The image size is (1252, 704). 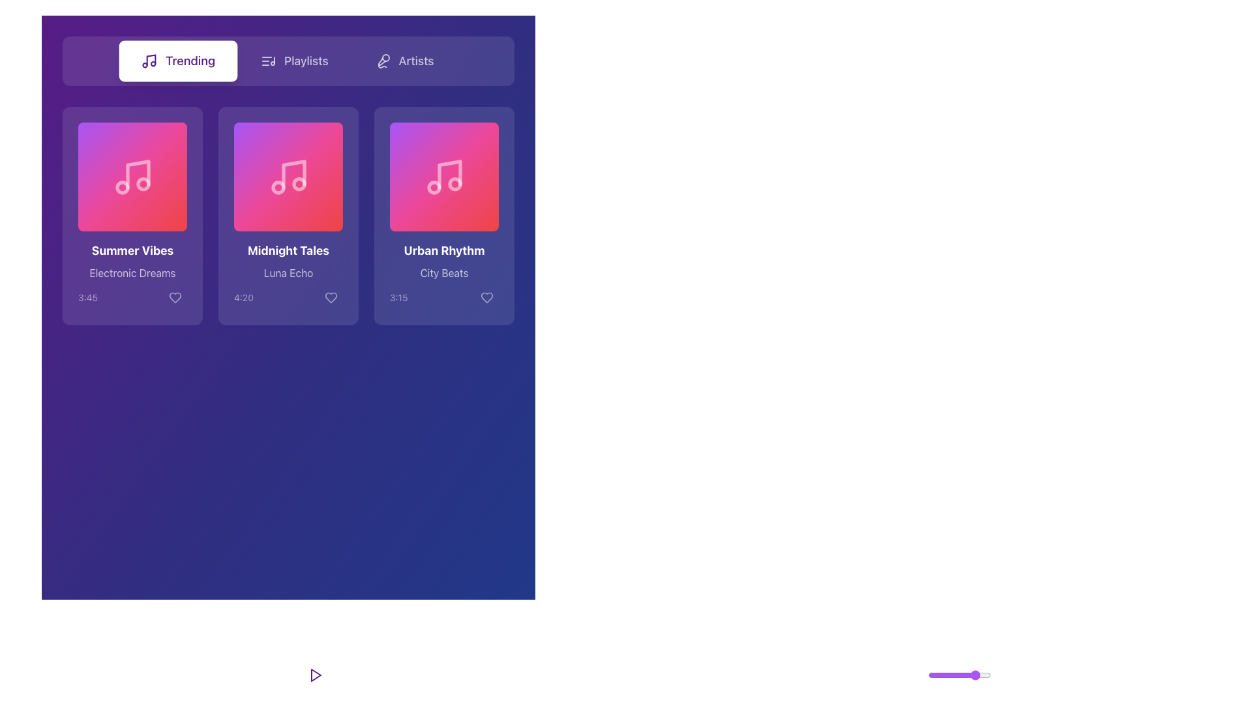 What do you see at coordinates (455, 184) in the screenshot?
I see `the second SVG Circle Element of the musical note graphic within the 'Urban Rhythm' card` at bounding box center [455, 184].